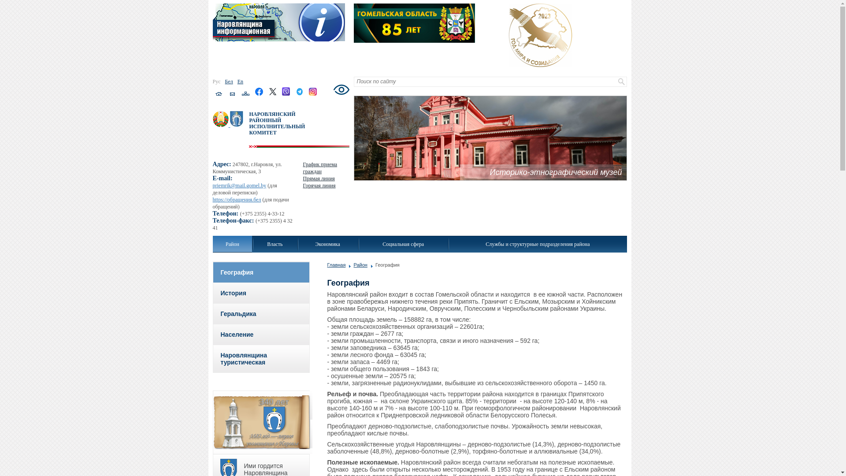  Describe the element at coordinates (268, 94) in the screenshot. I see `'twitter'` at that location.